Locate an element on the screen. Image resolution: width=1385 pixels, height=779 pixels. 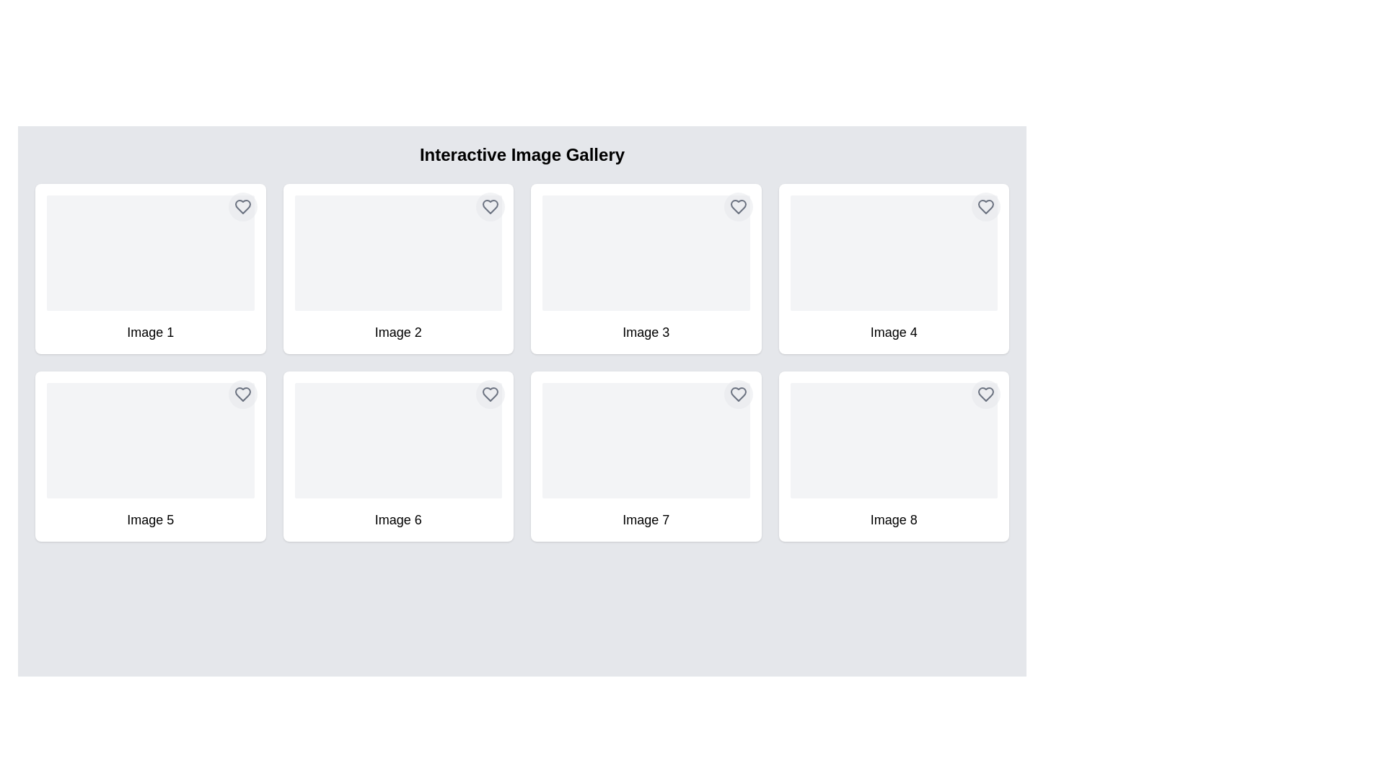
the heart icon button located at the top-right corner of the 'Image 4' card in the interactive image gallery is located at coordinates (985, 206).